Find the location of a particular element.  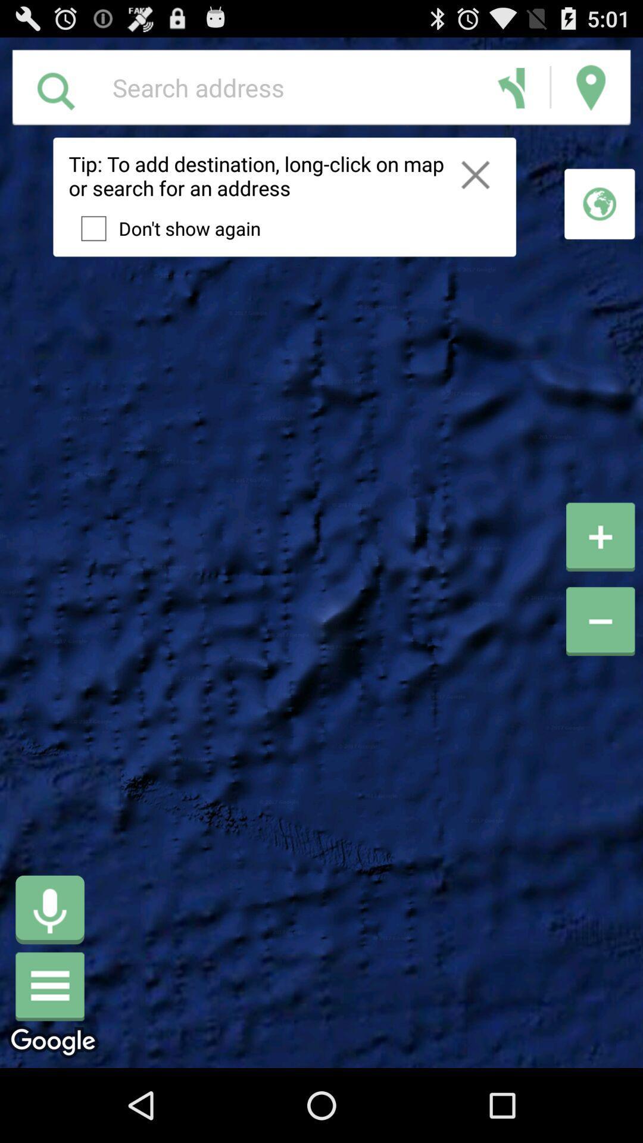

the menu icon is located at coordinates (49, 1055).